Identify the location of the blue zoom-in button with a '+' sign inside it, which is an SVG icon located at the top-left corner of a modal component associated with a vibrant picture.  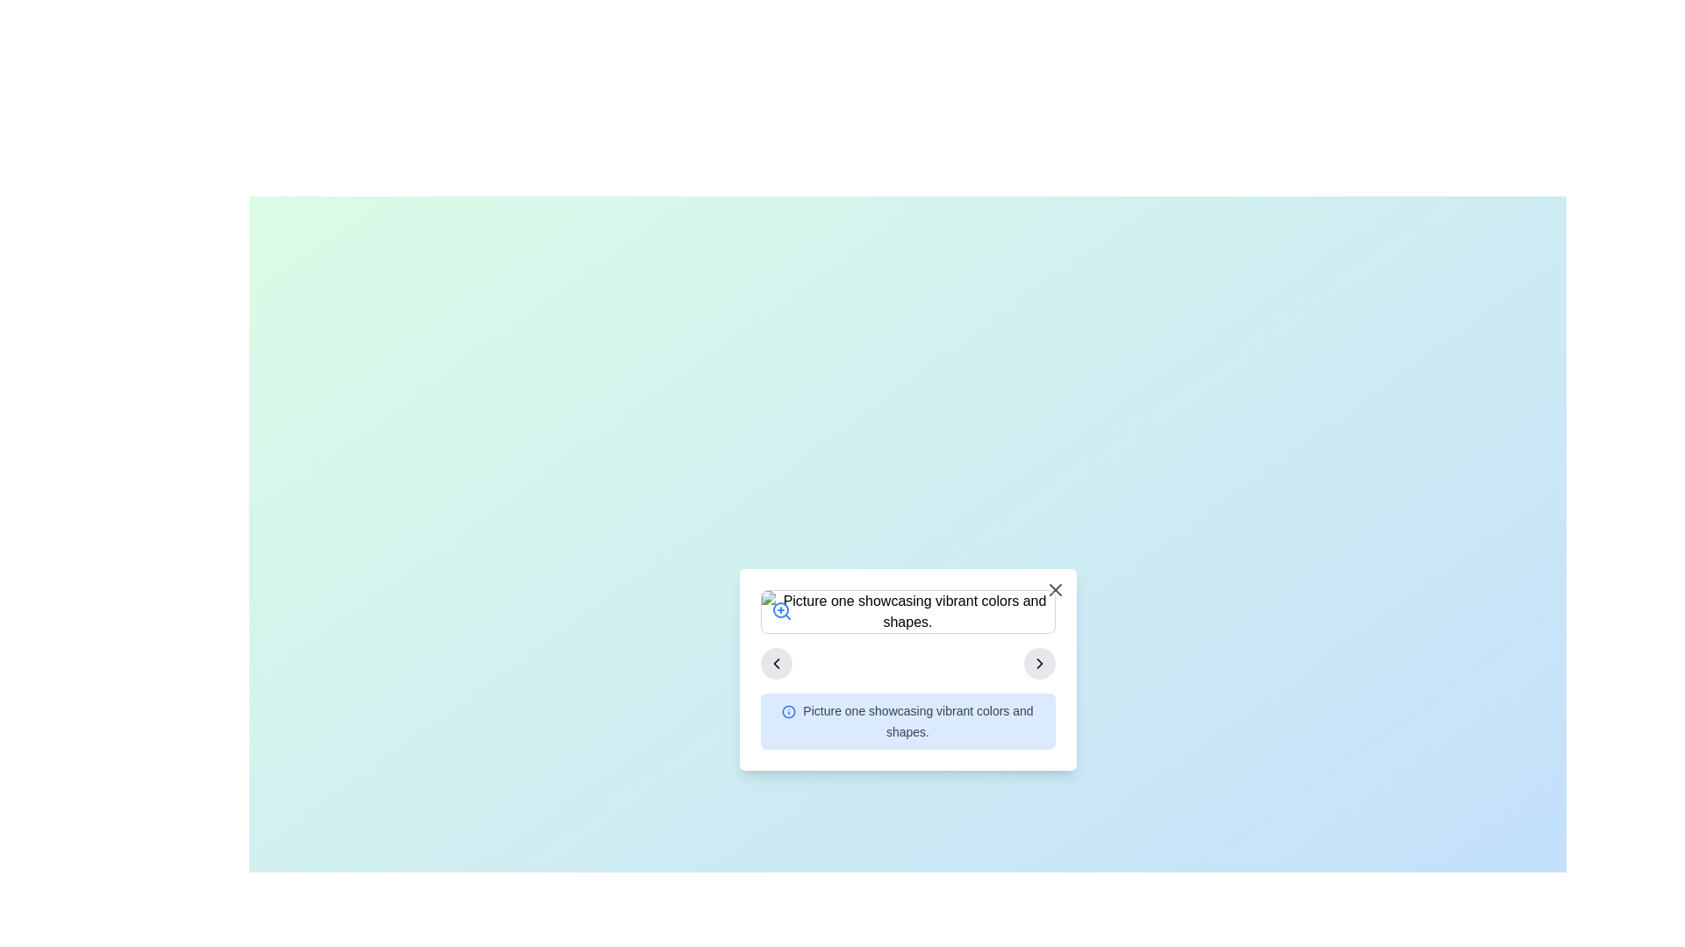
(780, 610).